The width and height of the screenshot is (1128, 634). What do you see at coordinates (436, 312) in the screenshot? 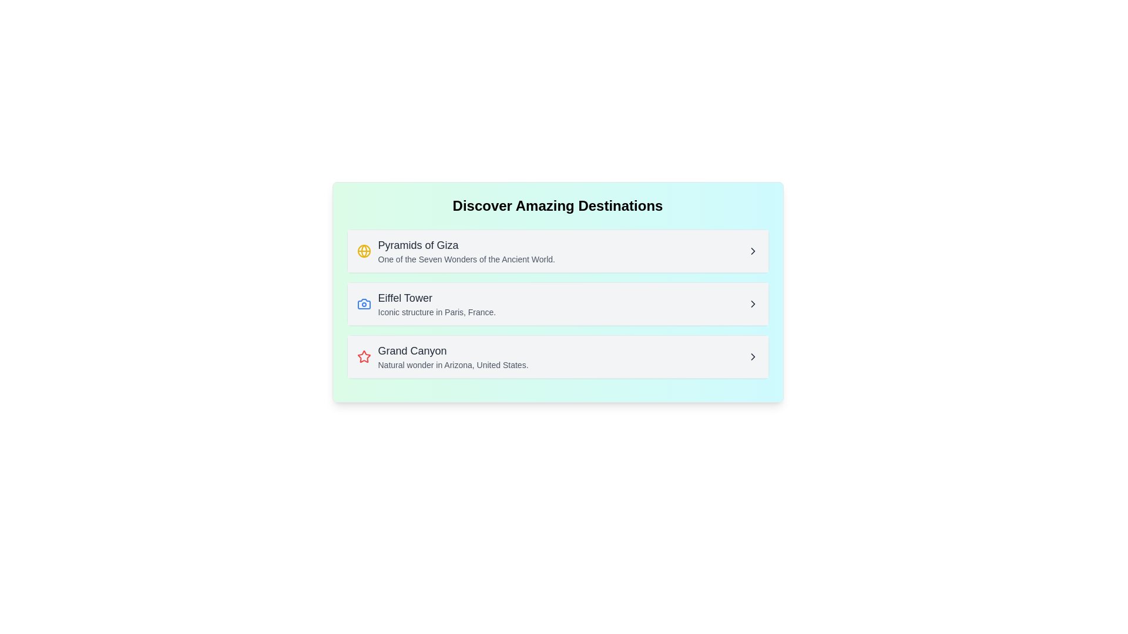
I see `the descriptive text label about the 'Eiffel Tower', which is located below the heading and centered horizontally` at bounding box center [436, 312].